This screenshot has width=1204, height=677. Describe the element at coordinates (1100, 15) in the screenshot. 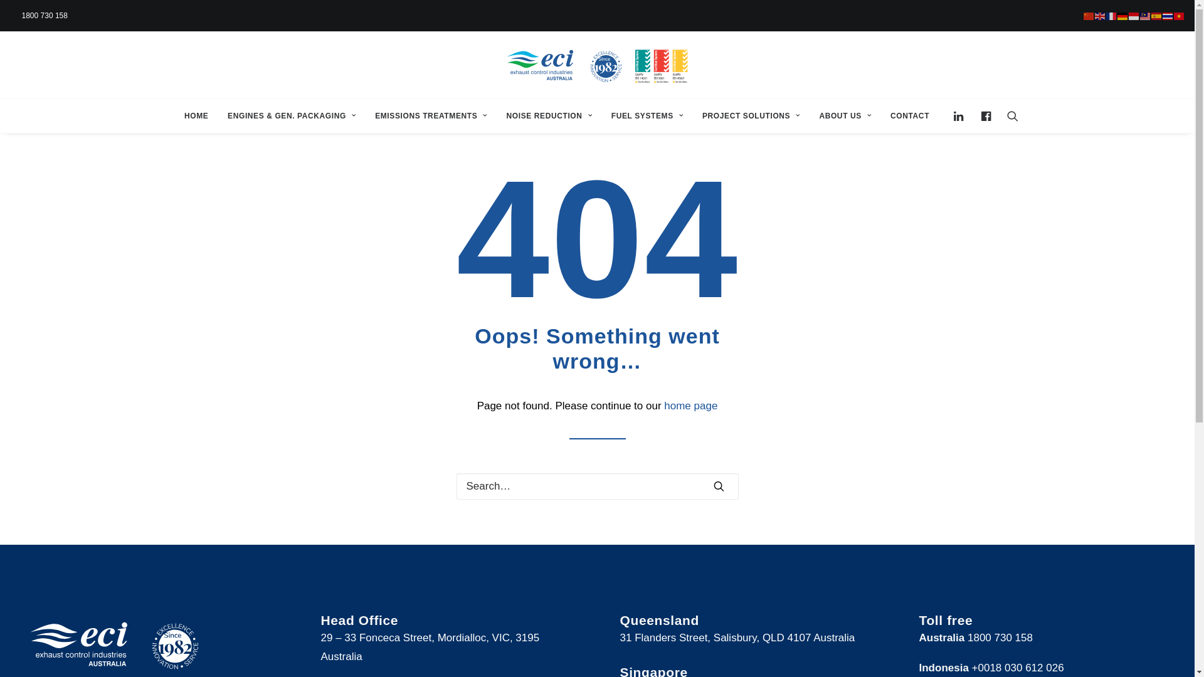

I see `'English'` at that location.